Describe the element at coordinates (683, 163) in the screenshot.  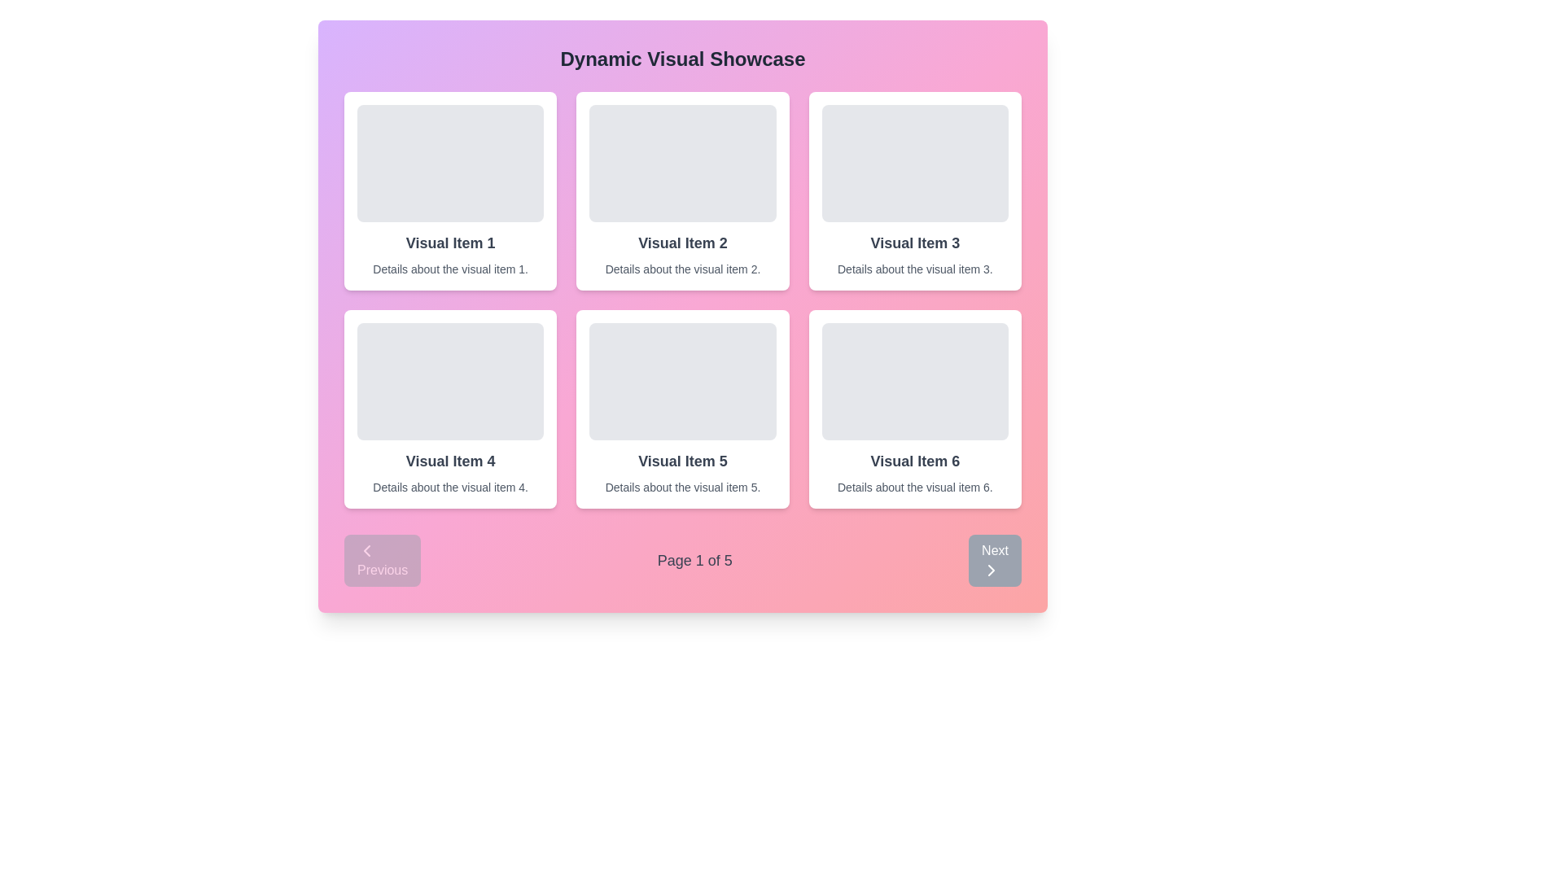
I see `the light gray rectangular Visual Placeholder located above the text 'Visual Item 2' in the middle row of the grid layout` at that location.